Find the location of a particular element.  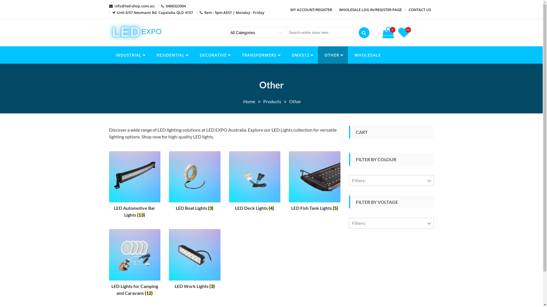

'DECORATIVE' is located at coordinates (214, 55).